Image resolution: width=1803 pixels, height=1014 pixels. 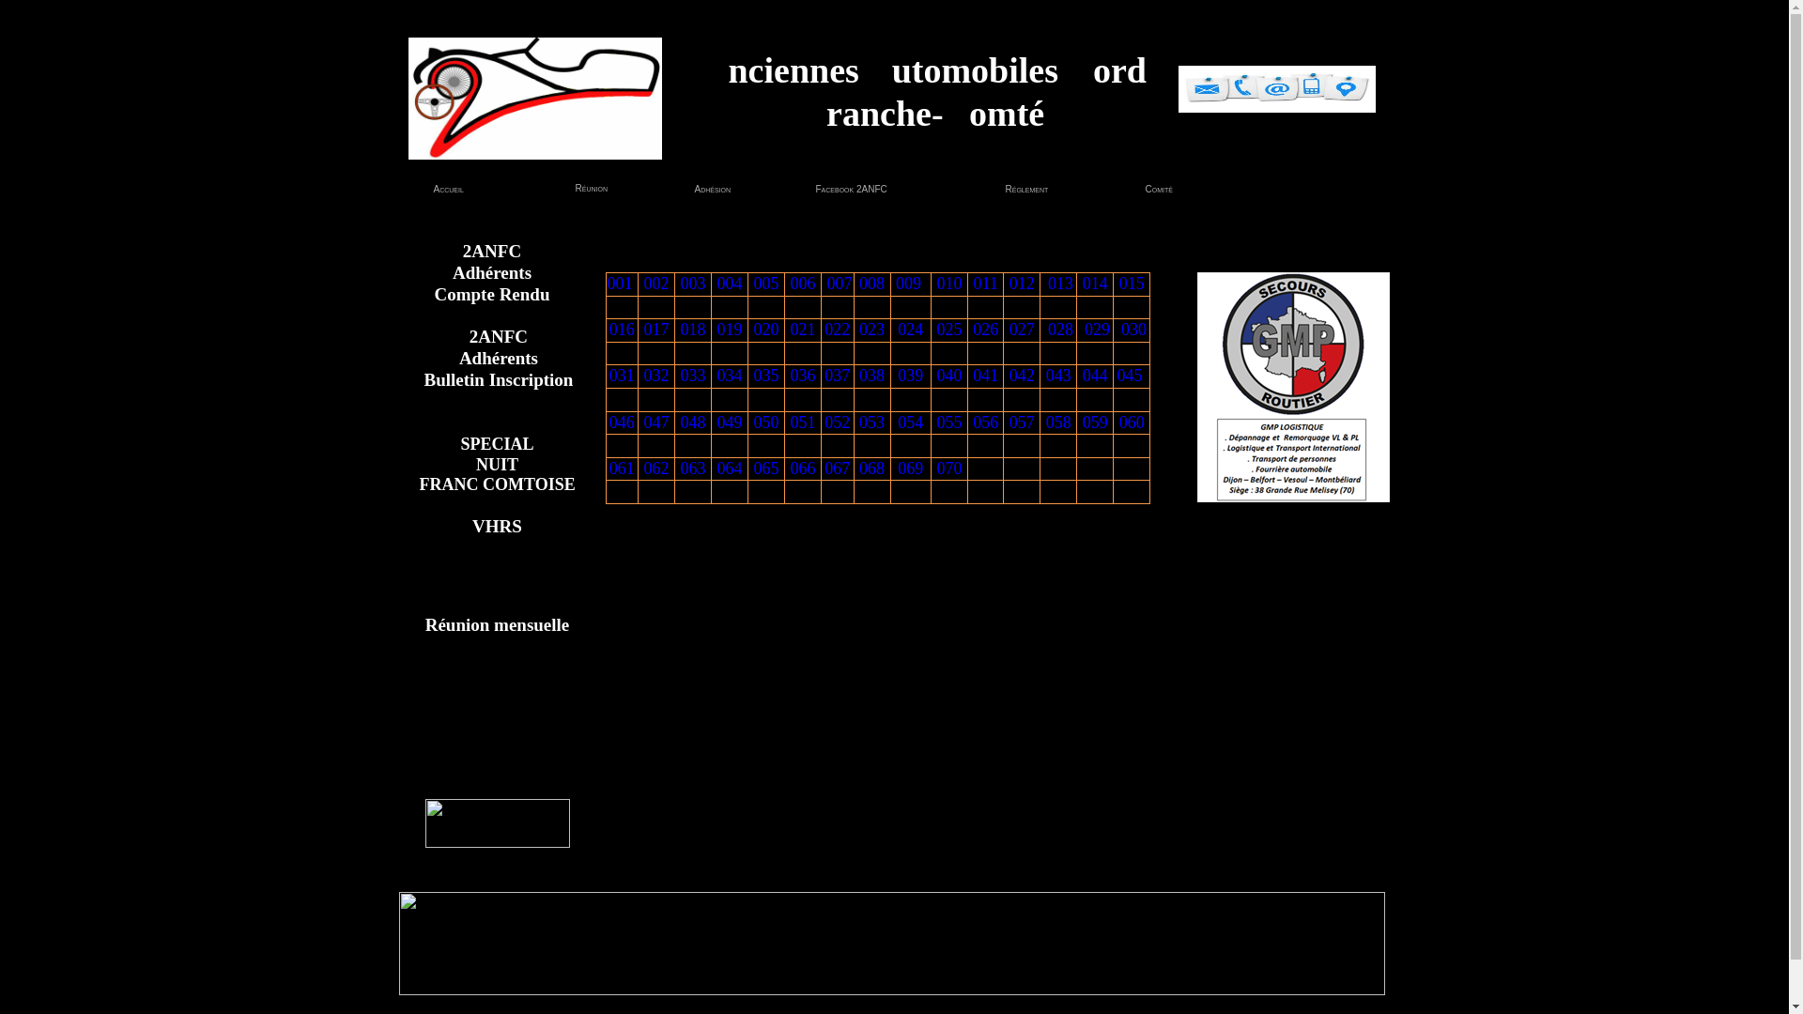 What do you see at coordinates (871, 422) in the screenshot?
I see `'053'` at bounding box center [871, 422].